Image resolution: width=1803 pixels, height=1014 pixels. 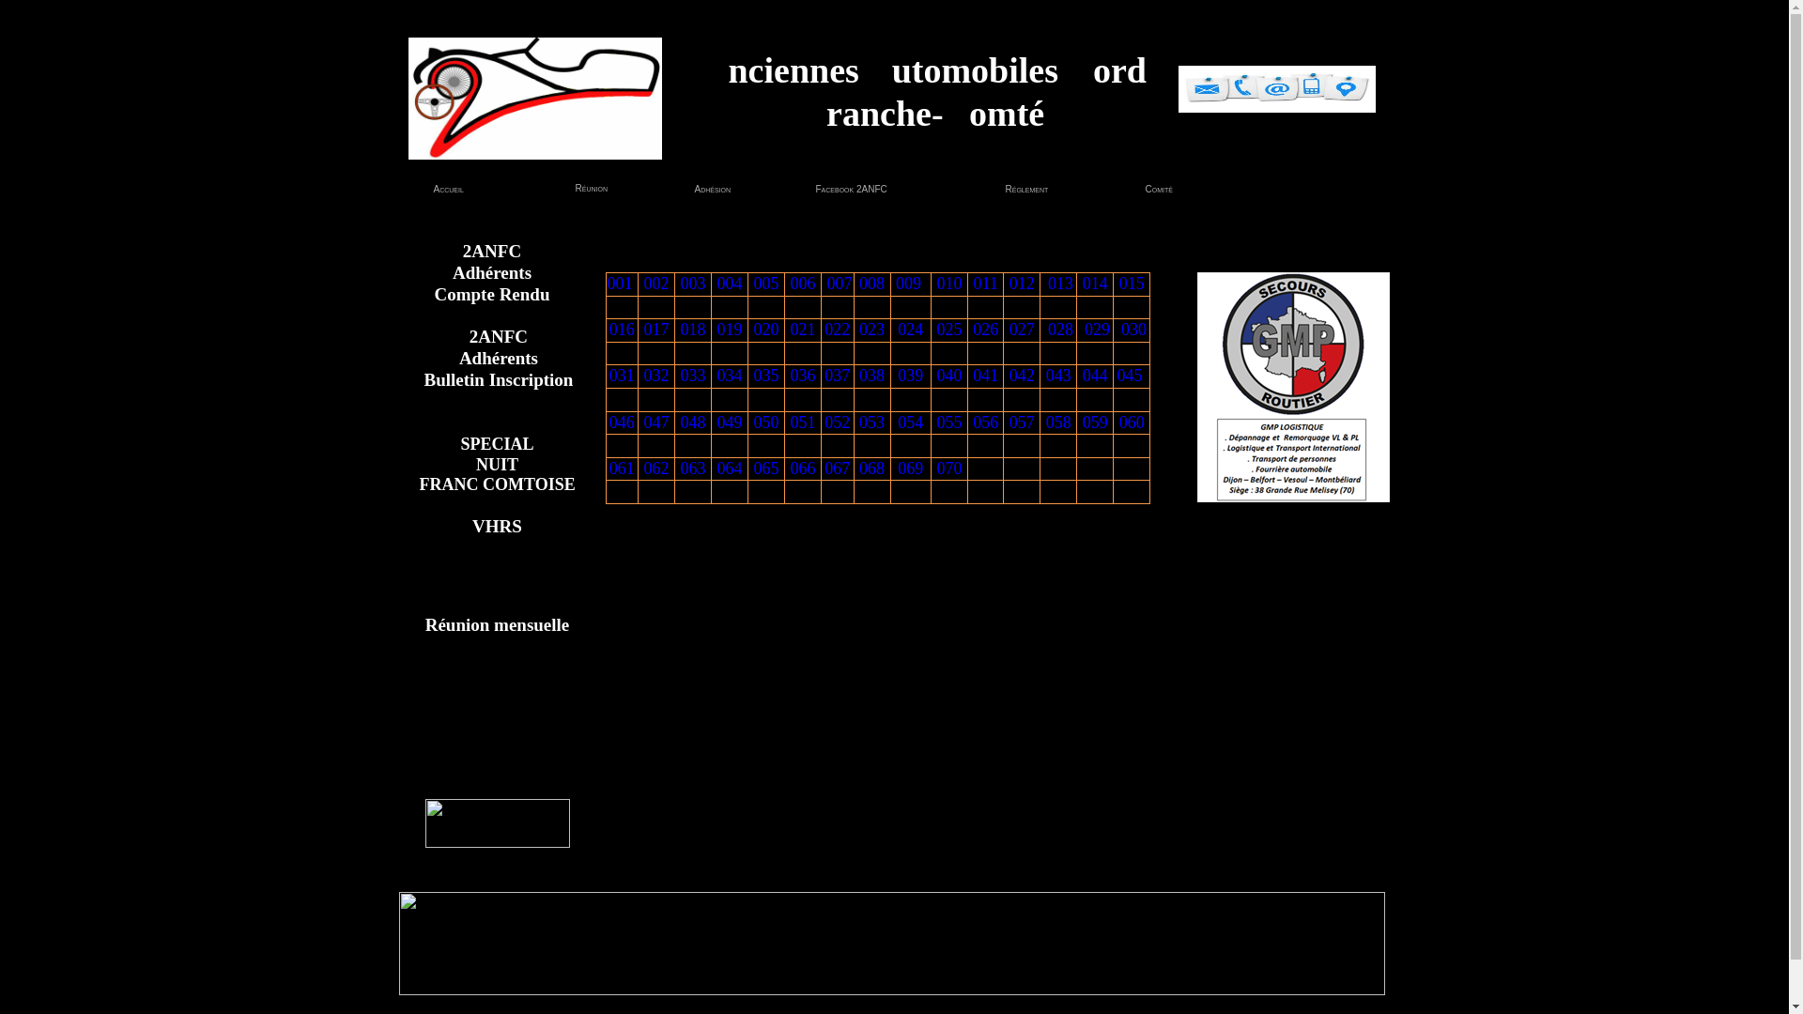 What do you see at coordinates (871, 422) in the screenshot?
I see `'053'` at bounding box center [871, 422].